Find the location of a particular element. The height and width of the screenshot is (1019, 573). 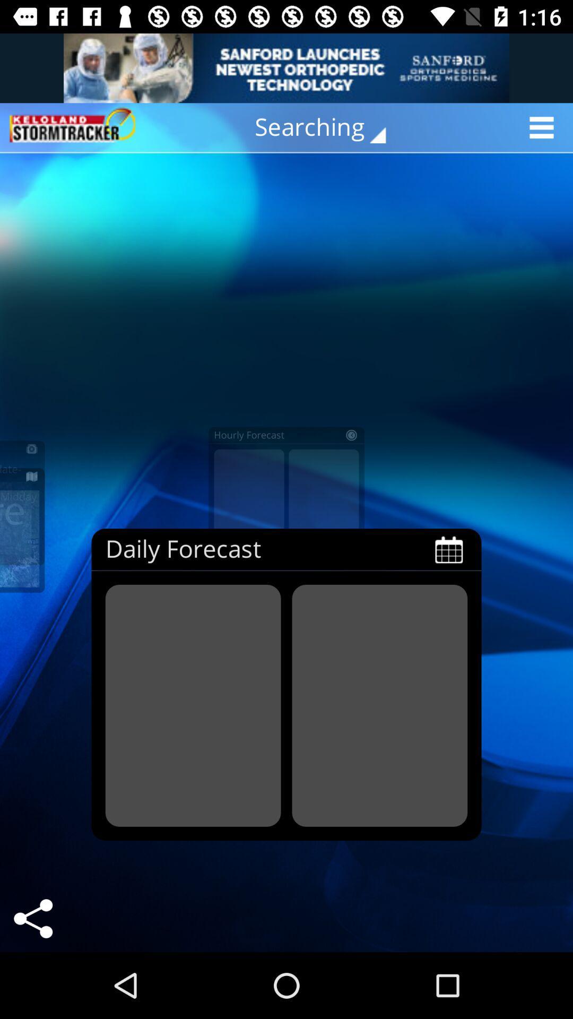

the share icon is located at coordinates (32, 918).